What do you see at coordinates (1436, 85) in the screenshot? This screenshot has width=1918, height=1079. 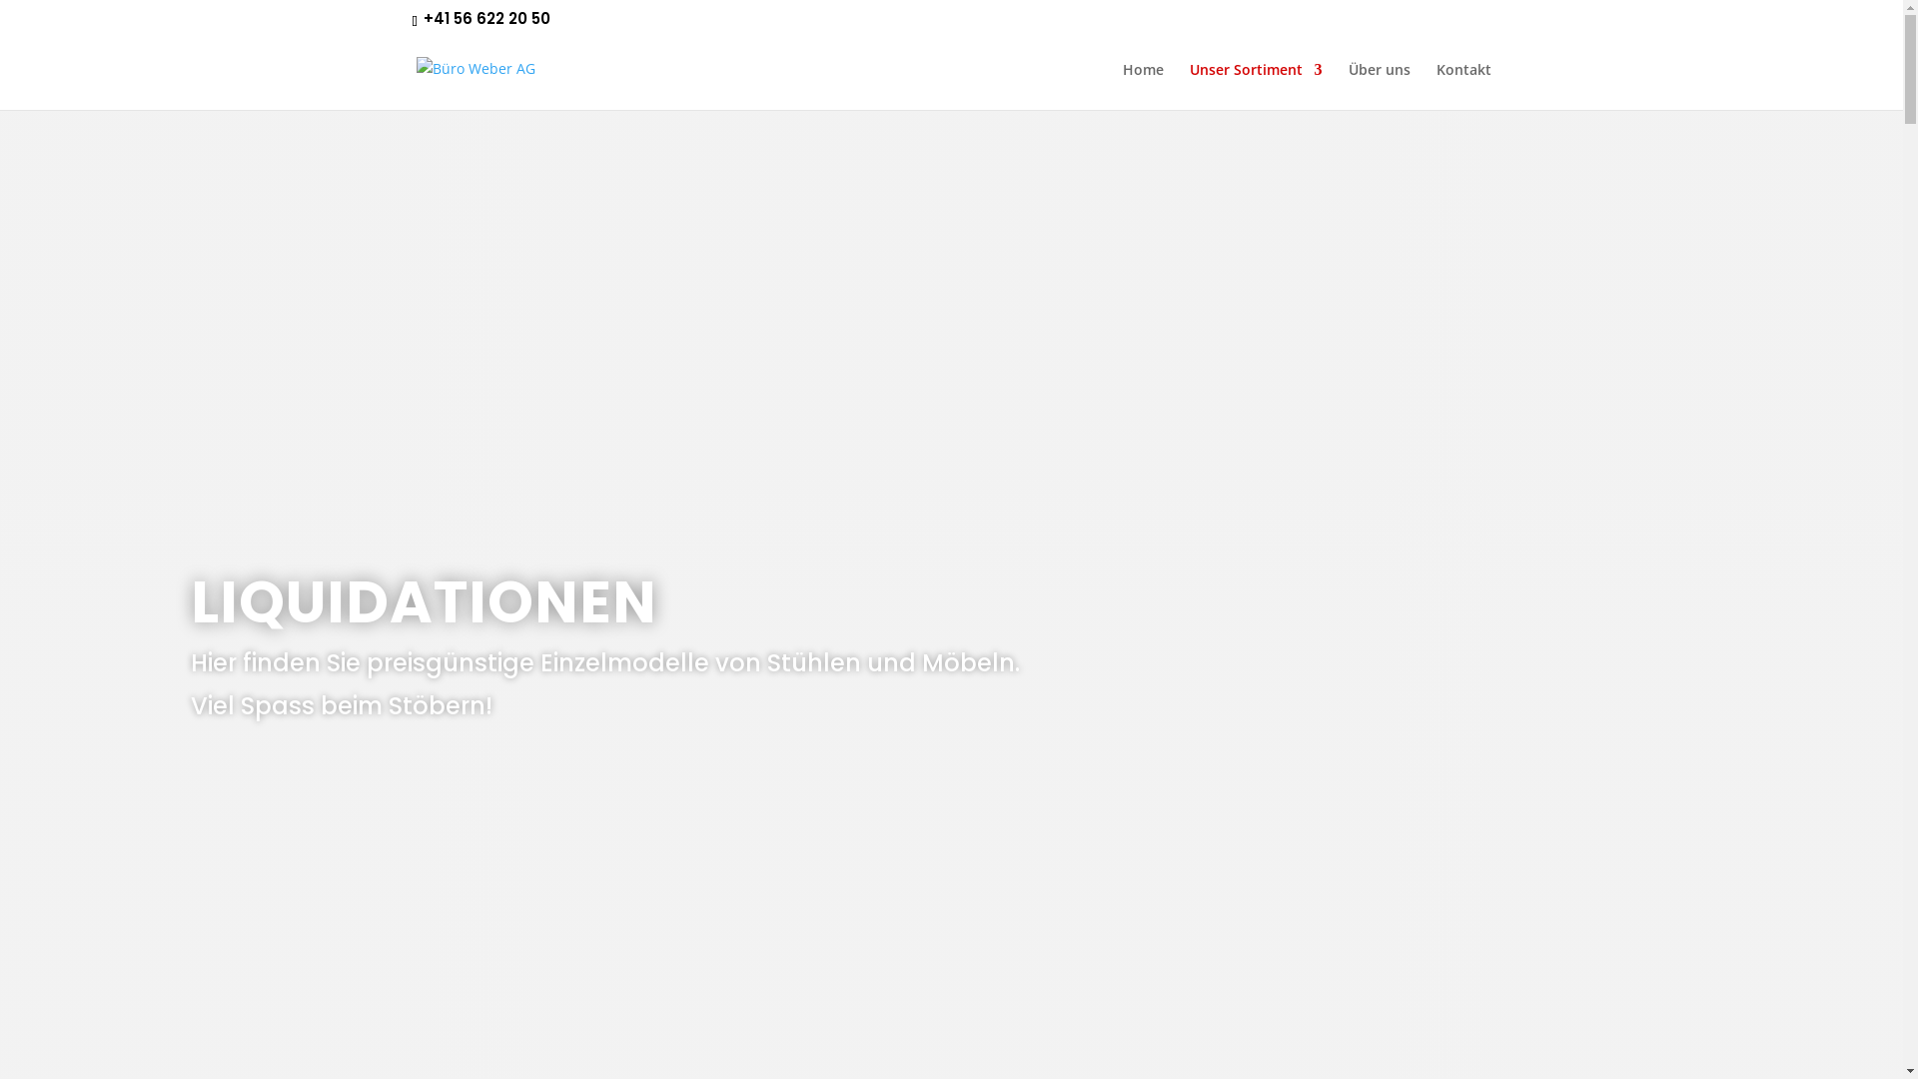 I see `'Kontakt'` at bounding box center [1436, 85].